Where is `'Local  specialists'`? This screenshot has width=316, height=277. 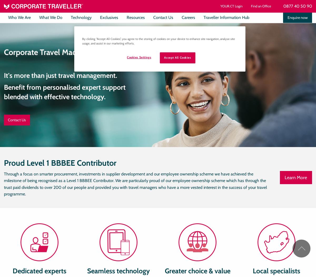
'Local  specialists' is located at coordinates (276, 270).